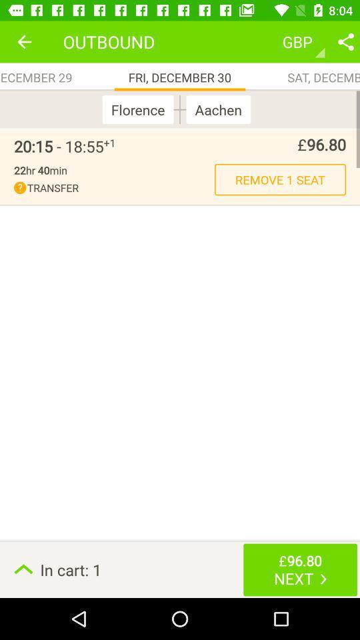  I want to click on location, so click(345, 41).